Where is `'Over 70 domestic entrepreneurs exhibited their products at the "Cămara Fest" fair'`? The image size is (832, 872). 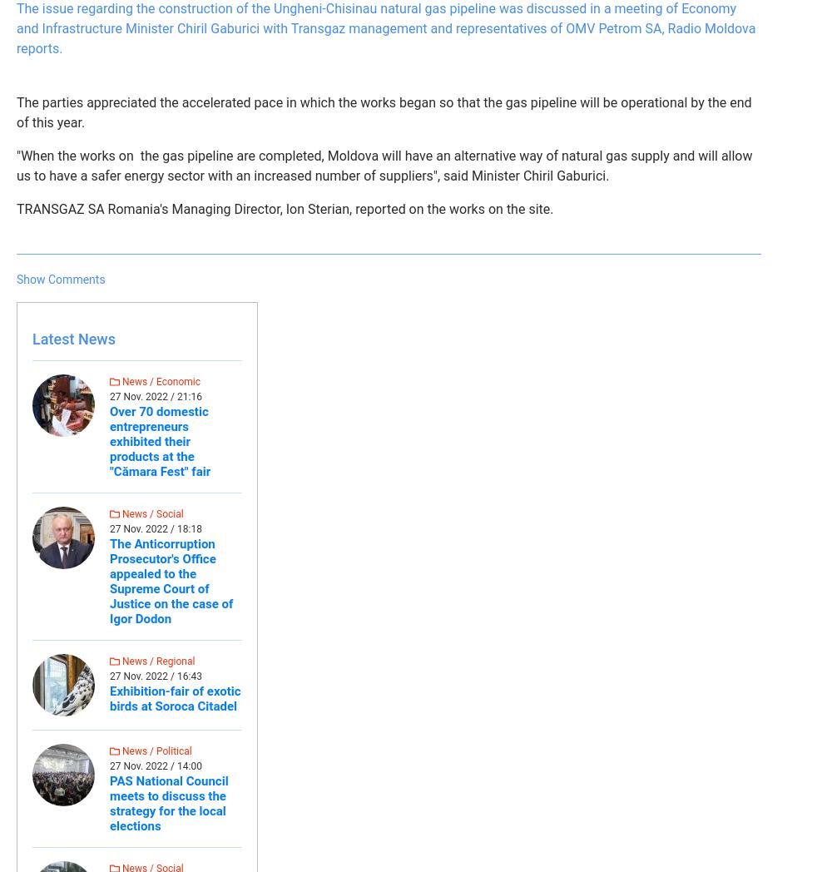 'Over 70 domestic entrepreneurs exhibited their products at the "Cămara Fest" fair' is located at coordinates (159, 441).